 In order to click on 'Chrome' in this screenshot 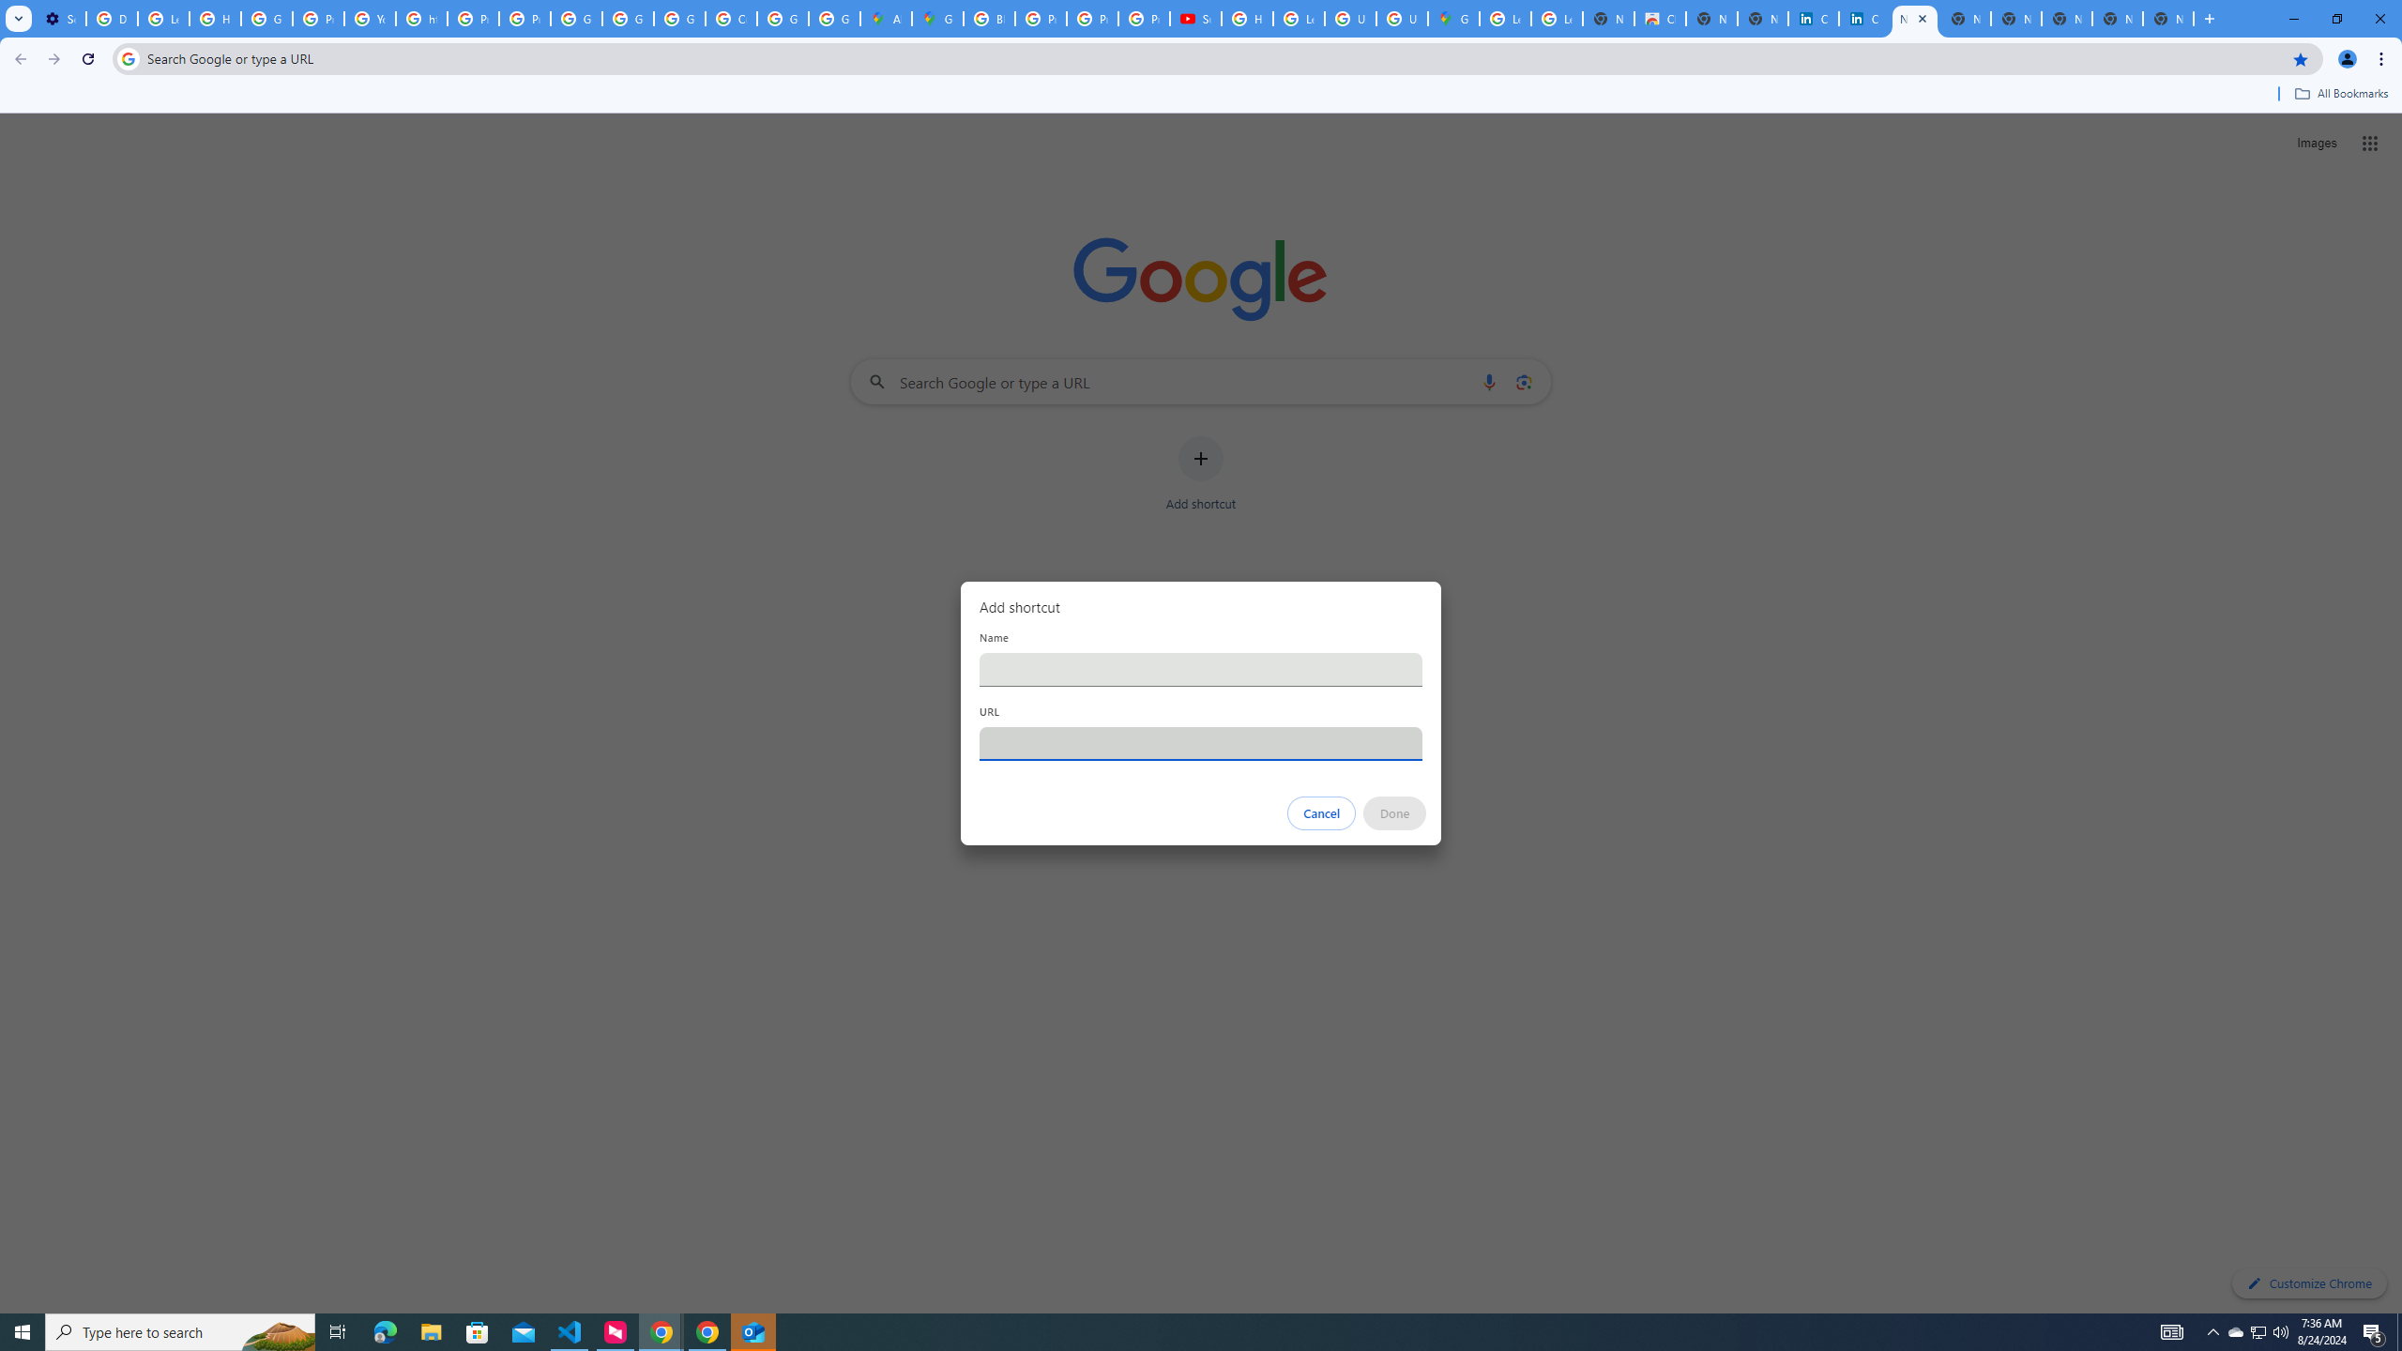, I will do `click(2382, 58)`.